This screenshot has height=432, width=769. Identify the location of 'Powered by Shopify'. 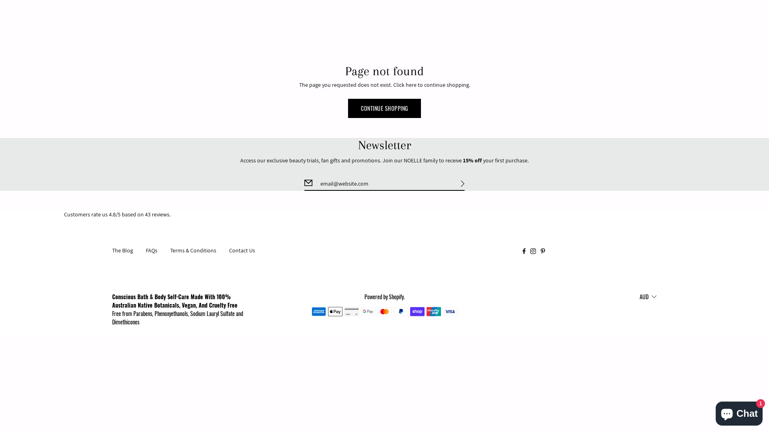
(384, 296).